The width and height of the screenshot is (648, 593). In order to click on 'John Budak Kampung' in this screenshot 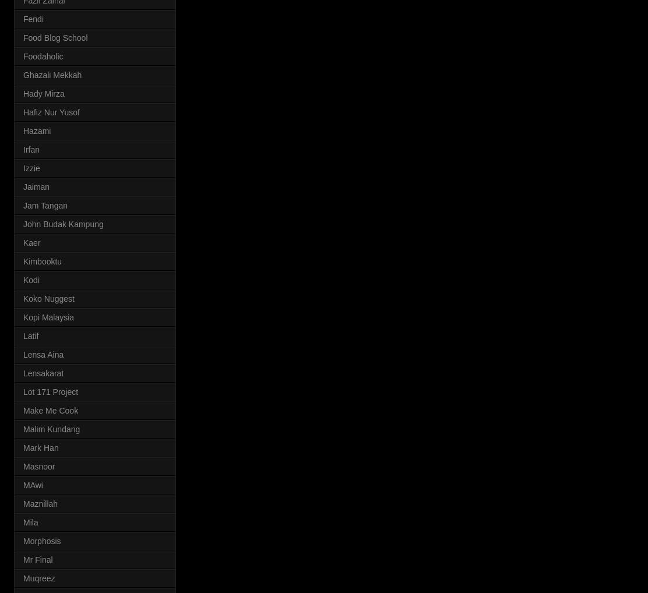, I will do `click(23, 223)`.